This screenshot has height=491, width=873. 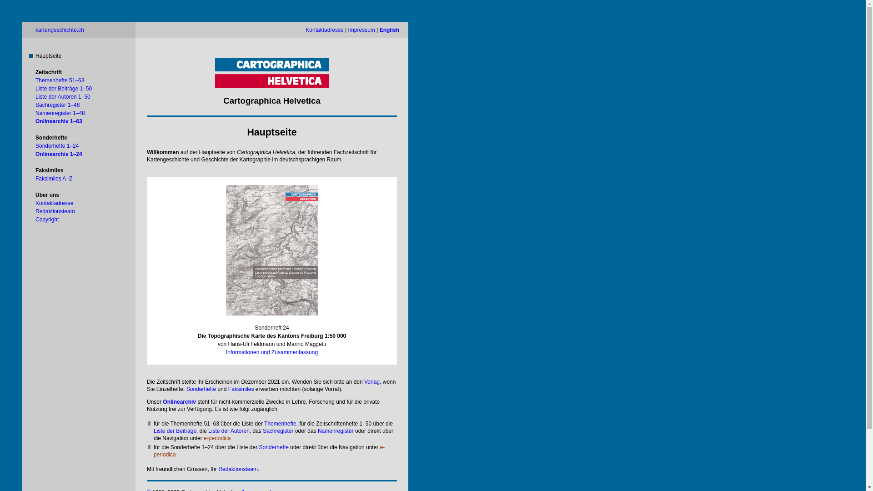 What do you see at coordinates (241, 389) in the screenshot?
I see `'Faksimiles'` at bounding box center [241, 389].